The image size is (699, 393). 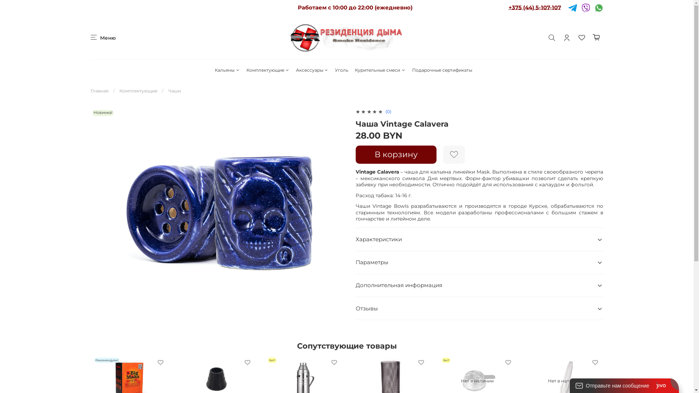 What do you see at coordinates (534, 7) in the screenshot?
I see `'+375 (44) 5-107-107'` at bounding box center [534, 7].